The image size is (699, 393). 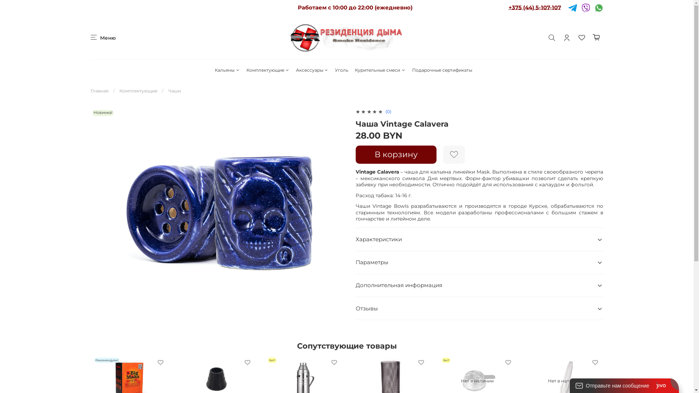 What do you see at coordinates (534, 7) in the screenshot?
I see `'+375 (44) 5-107-107'` at bounding box center [534, 7].